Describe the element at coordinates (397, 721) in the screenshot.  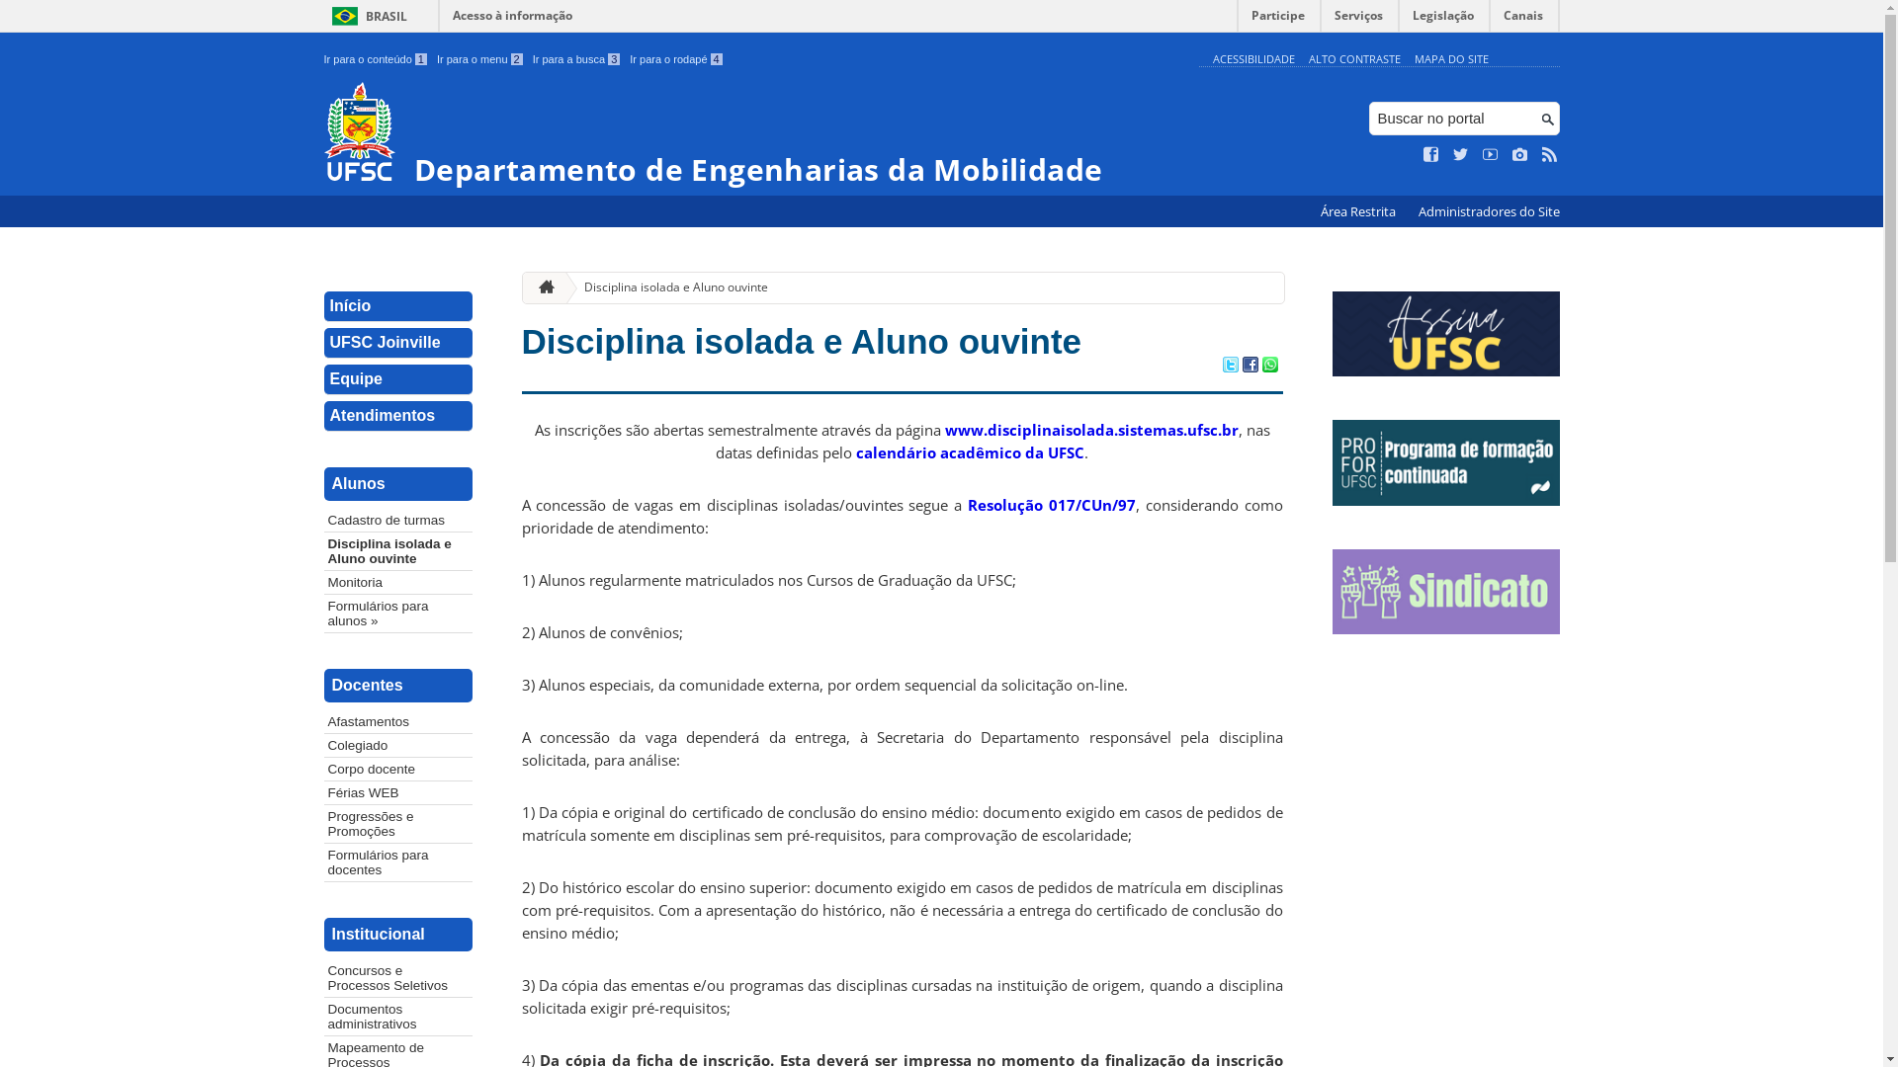
I see `'Afastamentos'` at that location.